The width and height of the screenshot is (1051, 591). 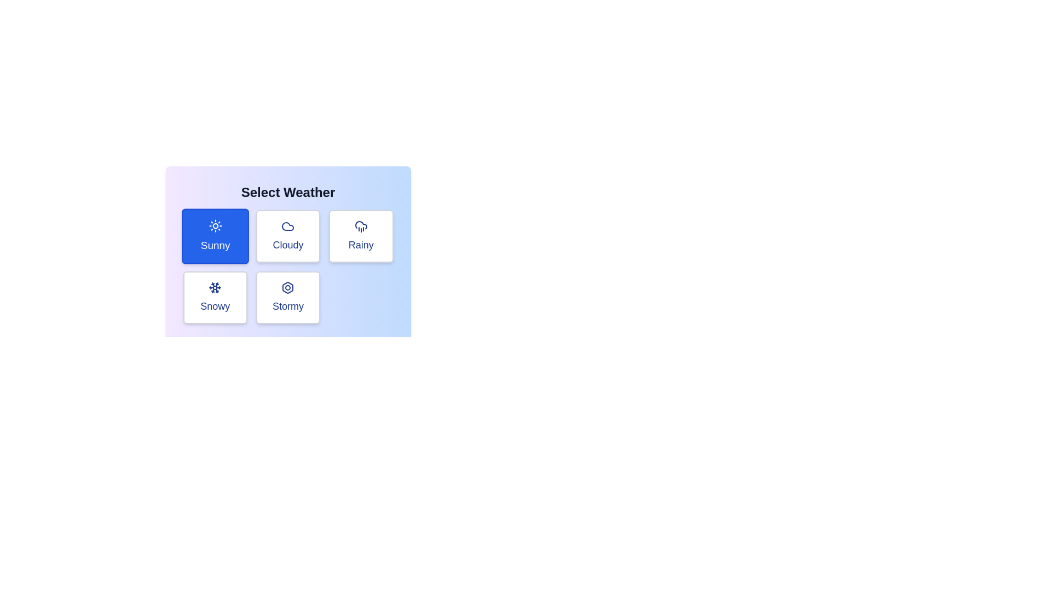 I want to click on the storm icon labeled 'Stormy', which is located in the second row under the weather selection options in the rightmost box, so click(x=288, y=287).